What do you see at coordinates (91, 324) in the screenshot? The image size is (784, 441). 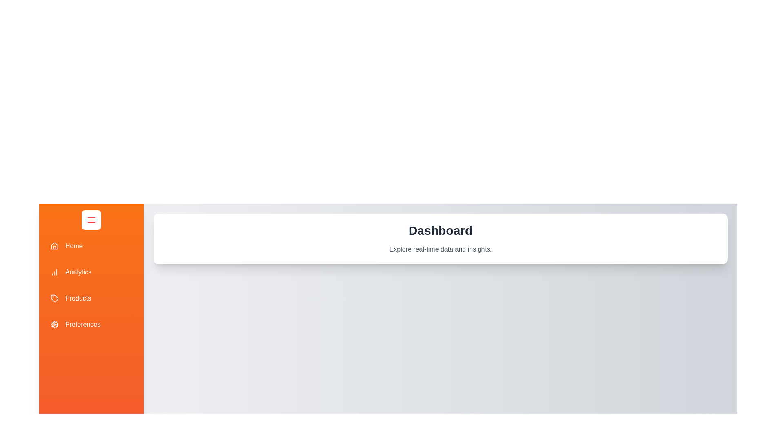 I see `the Preferences tab in the drawer` at bounding box center [91, 324].